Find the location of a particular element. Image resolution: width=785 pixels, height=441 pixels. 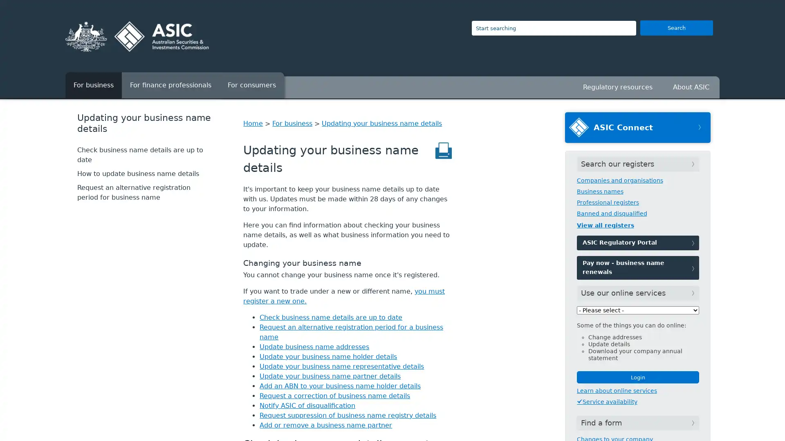

Search is located at coordinates (676, 27).